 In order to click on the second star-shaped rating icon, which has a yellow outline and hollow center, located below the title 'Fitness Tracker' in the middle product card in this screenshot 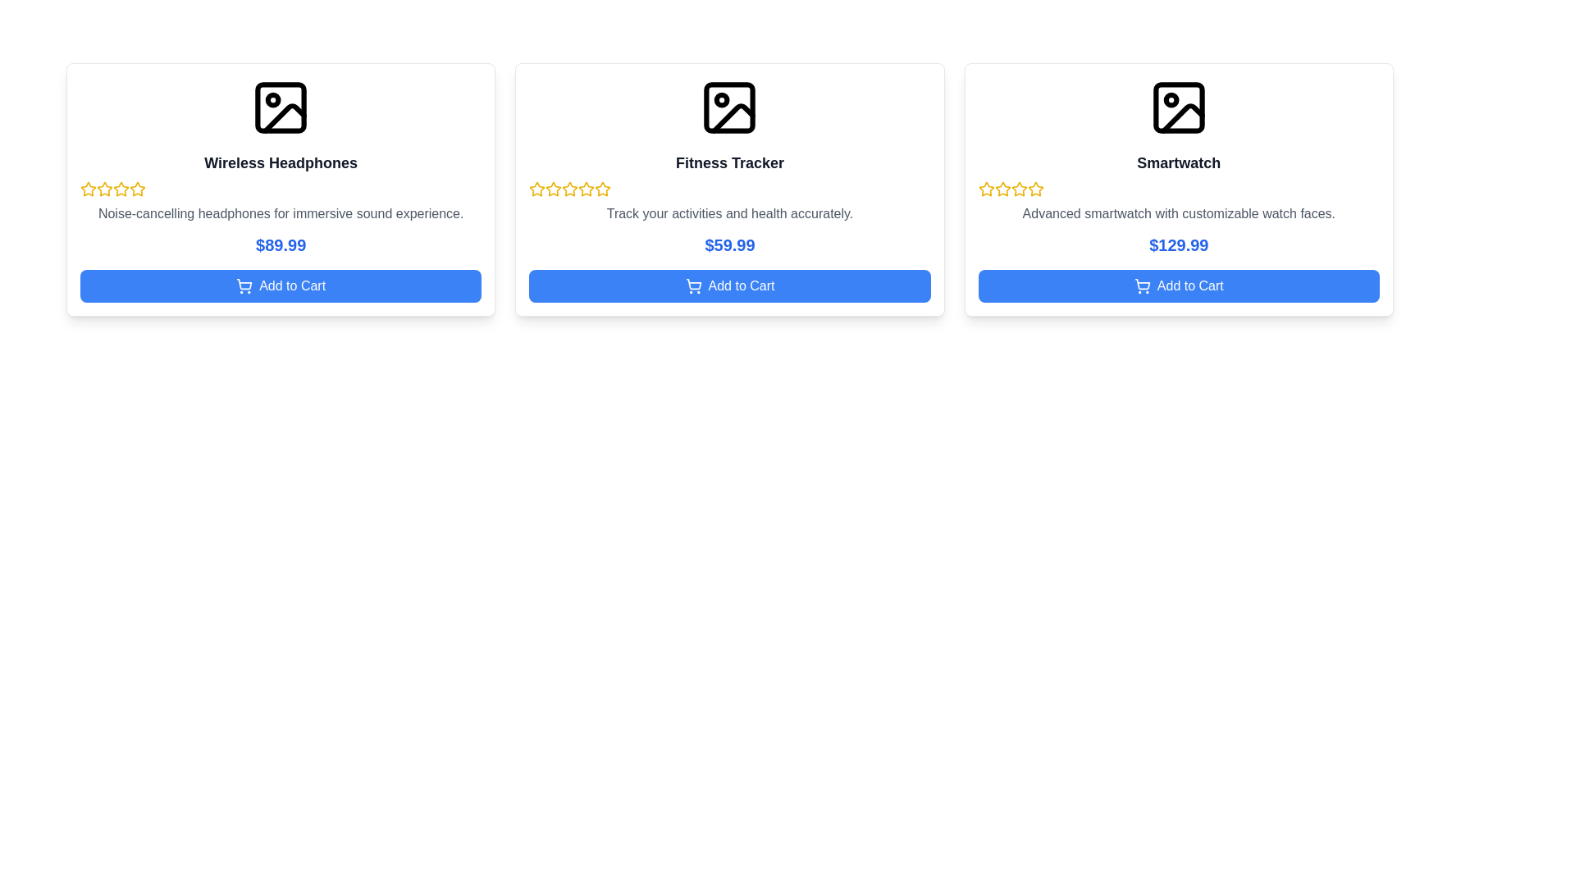, I will do `click(554, 188)`.